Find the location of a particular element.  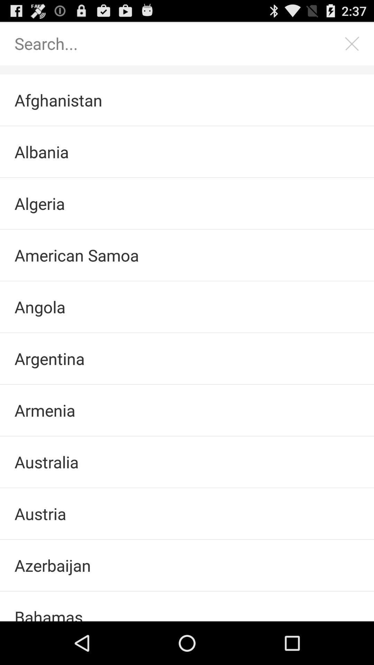

search screen is located at coordinates (352, 43).